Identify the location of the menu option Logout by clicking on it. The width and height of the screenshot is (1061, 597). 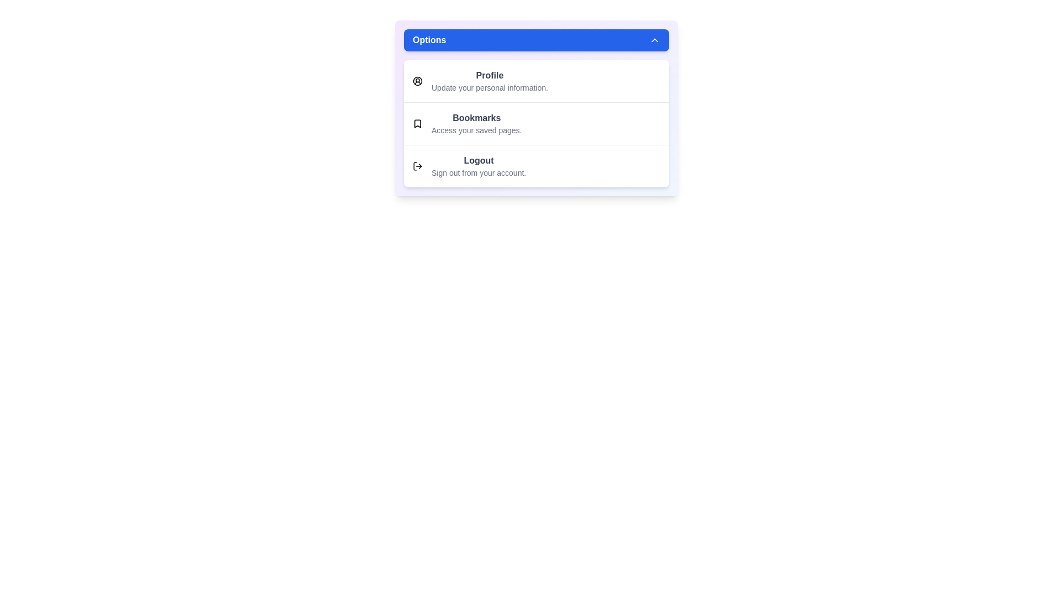
(536, 166).